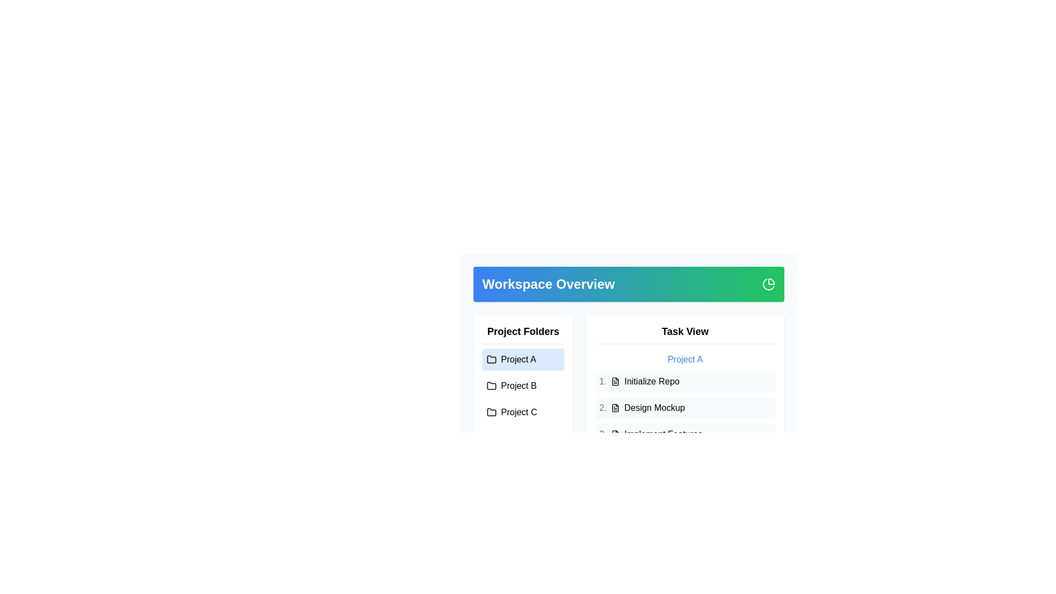 The image size is (1056, 594). I want to click on the gray text label displaying the numeral '2' in the Task View pane, positioned in the second row of tasks, to the left of the task title 'Design Mockup', so click(602, 408).